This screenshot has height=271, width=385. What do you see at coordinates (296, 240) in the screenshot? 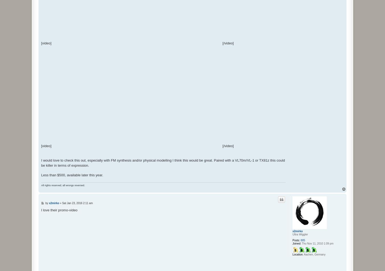
I see `'Posts:'` at bounding box center [296, 240].